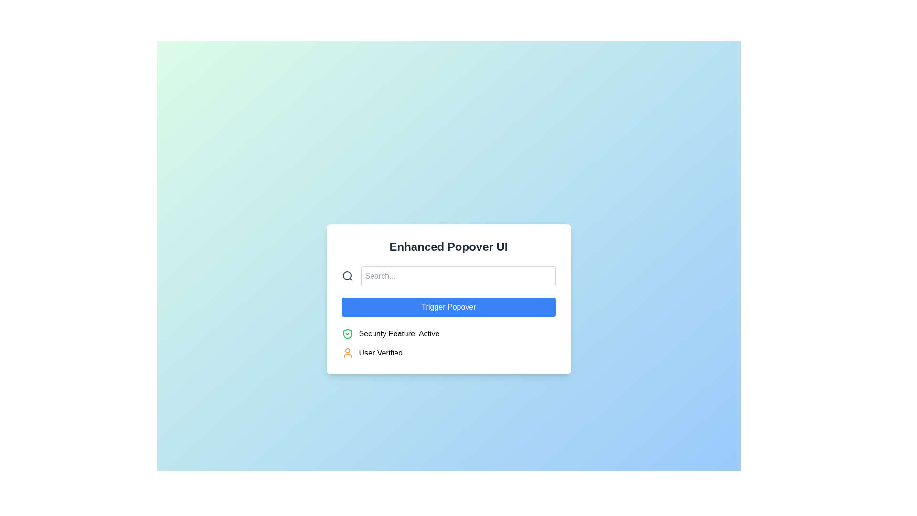 This screenshot has width=917, height=516. What do you see at coordinates (347, 276) in the screenshot?
I see `the search icon resembling a magnifying glass, which is the first element in the horizontal layout` at bounding box center [347, 276].